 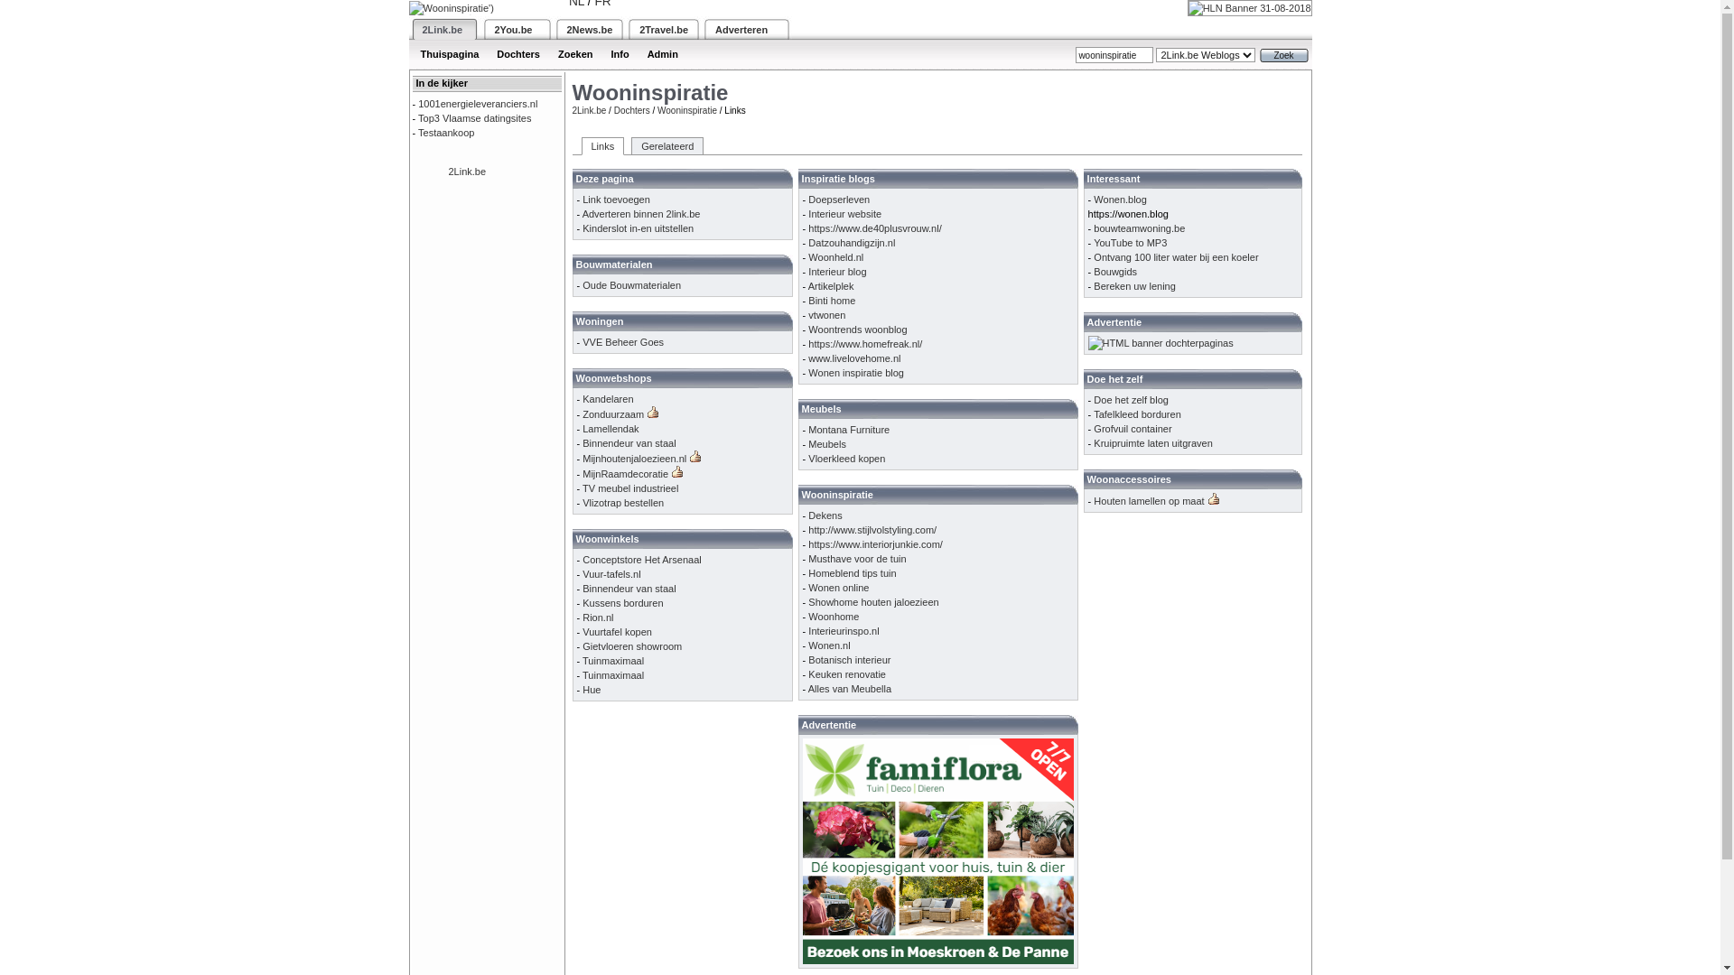 I want to click on 'Kussens borduren', so click(x=622, y=602).